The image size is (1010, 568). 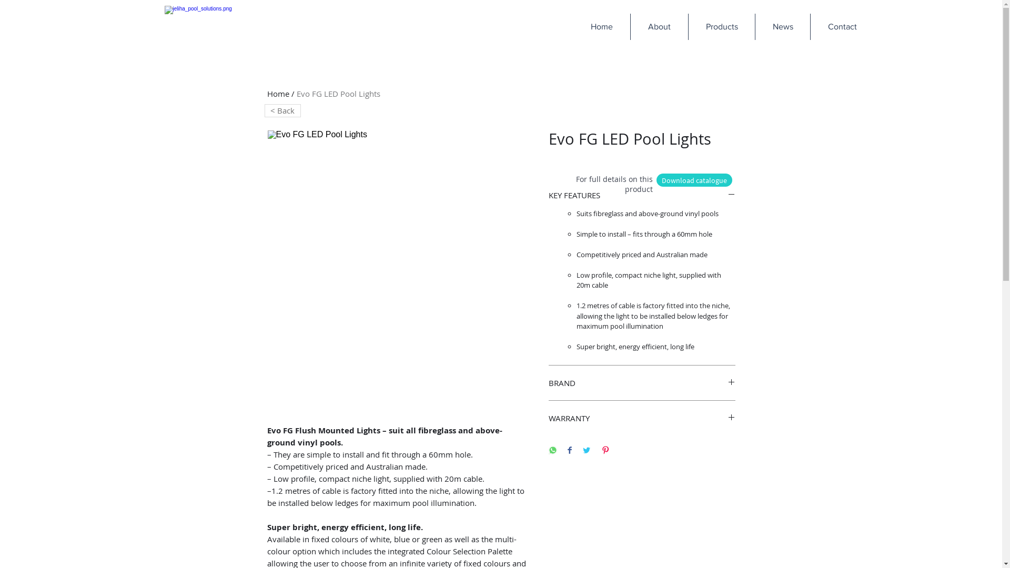 I want to click on 'Download catalogue', so click(x=694, y=179).